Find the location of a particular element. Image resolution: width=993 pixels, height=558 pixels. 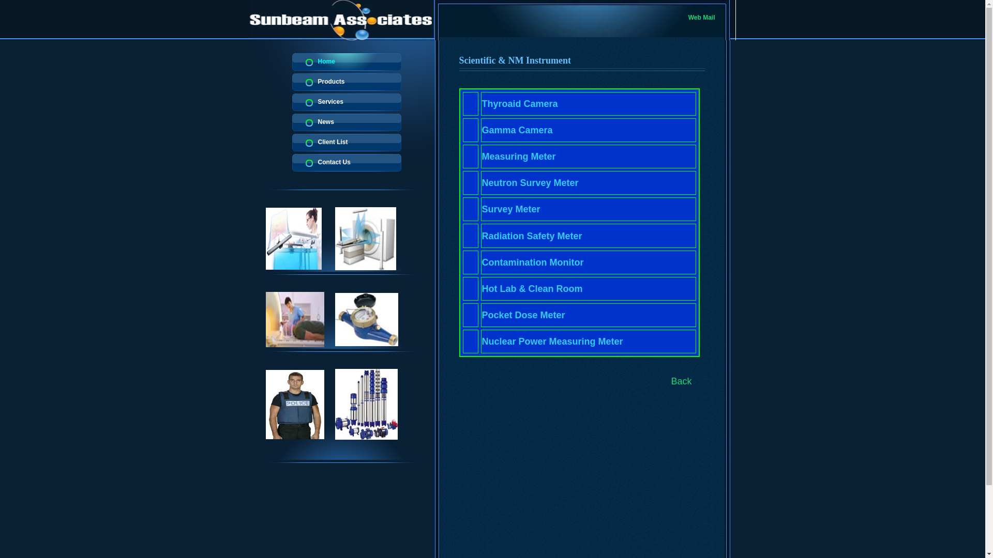

'Contact Us' is located at coordinates (346, 163).